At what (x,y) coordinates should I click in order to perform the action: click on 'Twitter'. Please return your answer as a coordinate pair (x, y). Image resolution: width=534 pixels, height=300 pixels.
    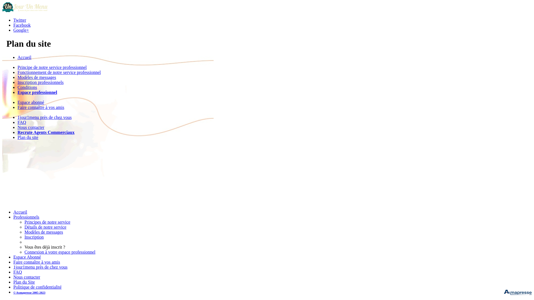
    Looking at the image, I should click on (13, 20).